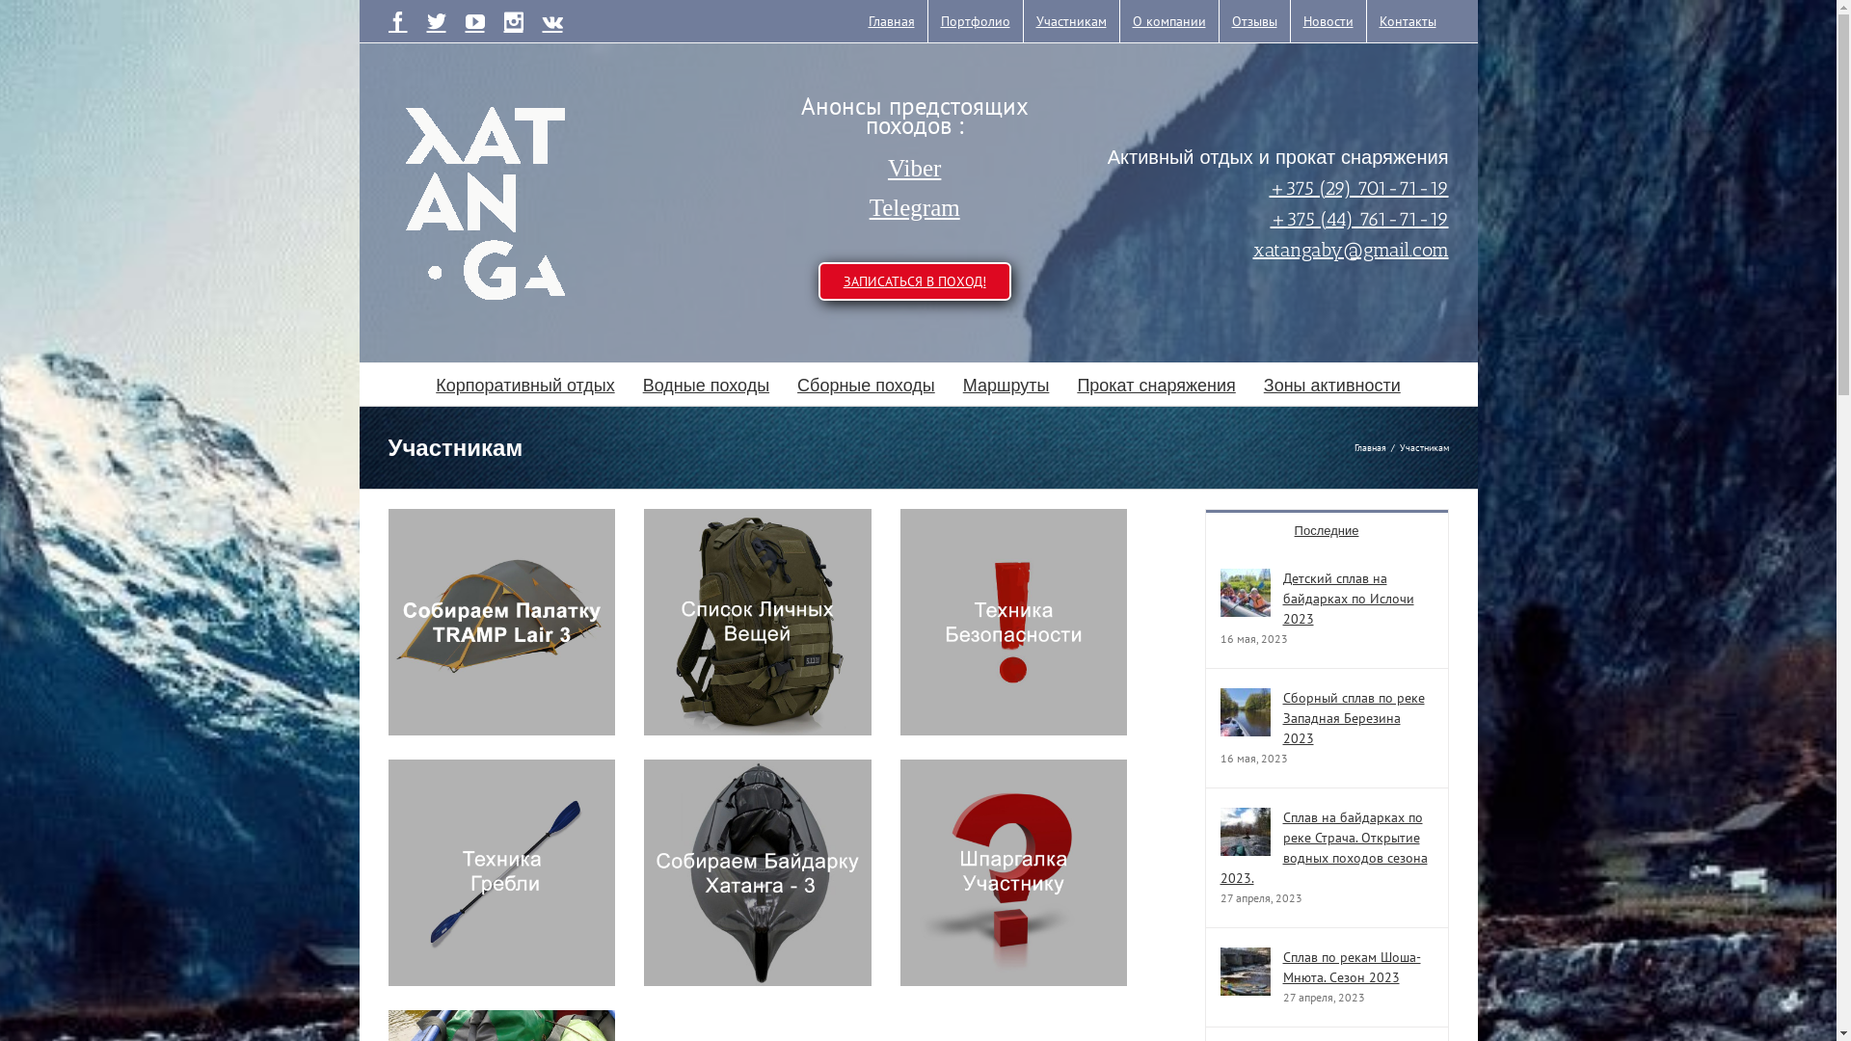  I want to click on '+375 (44) 761-71-19', so click(1358, 217).